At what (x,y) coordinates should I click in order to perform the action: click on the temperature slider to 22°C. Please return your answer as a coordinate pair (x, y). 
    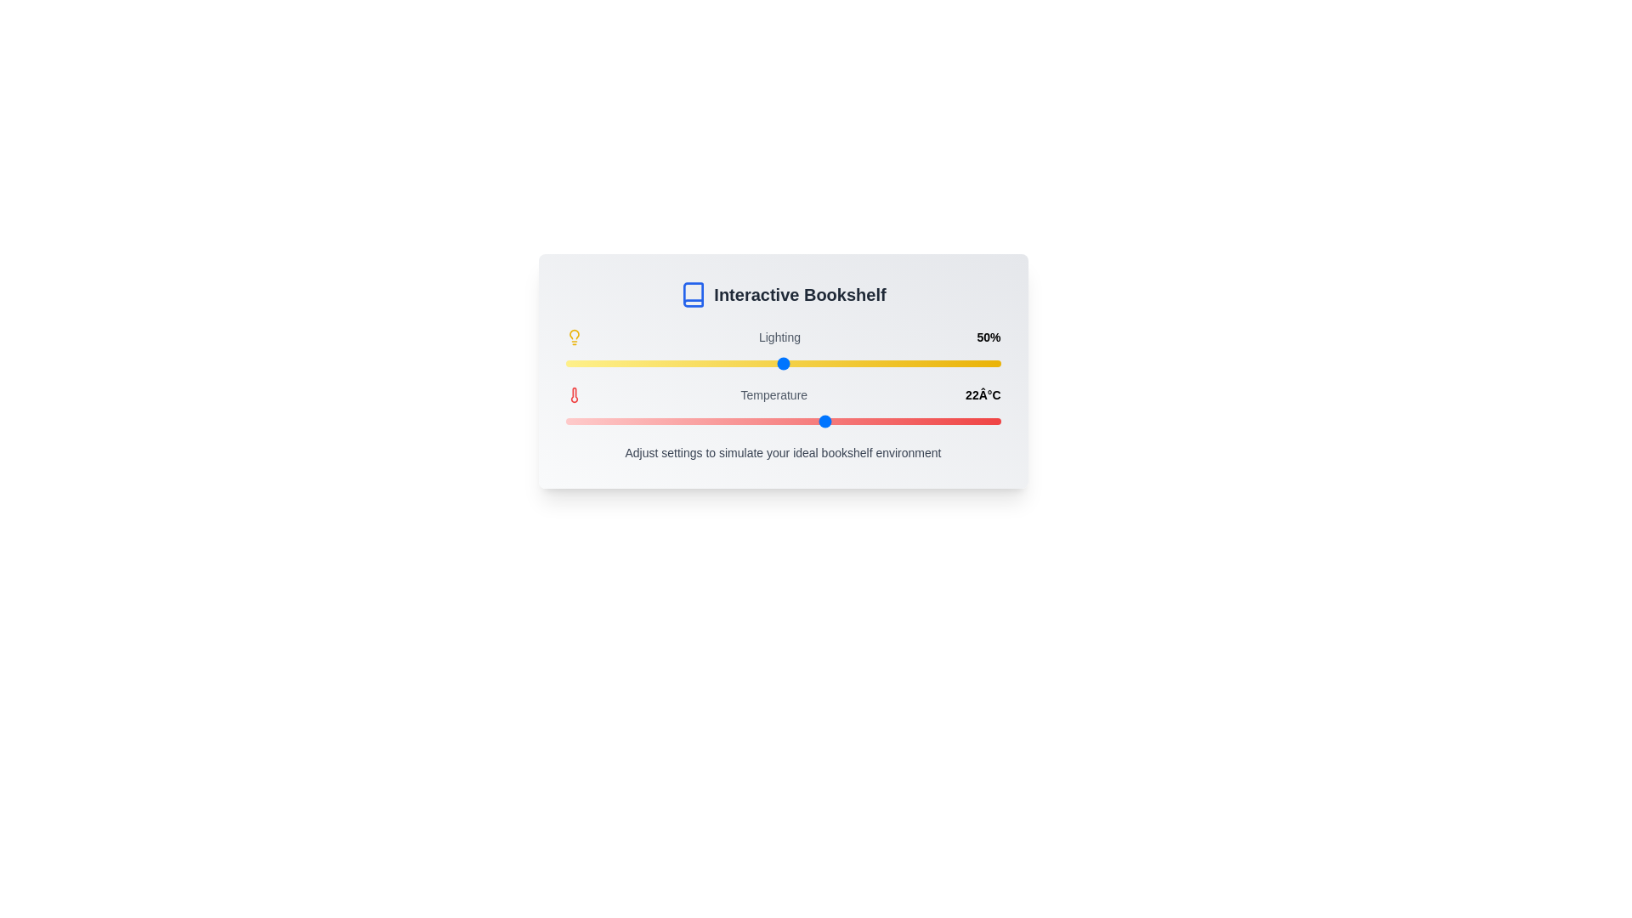
    Looking at the image, I should click on (826, 421).